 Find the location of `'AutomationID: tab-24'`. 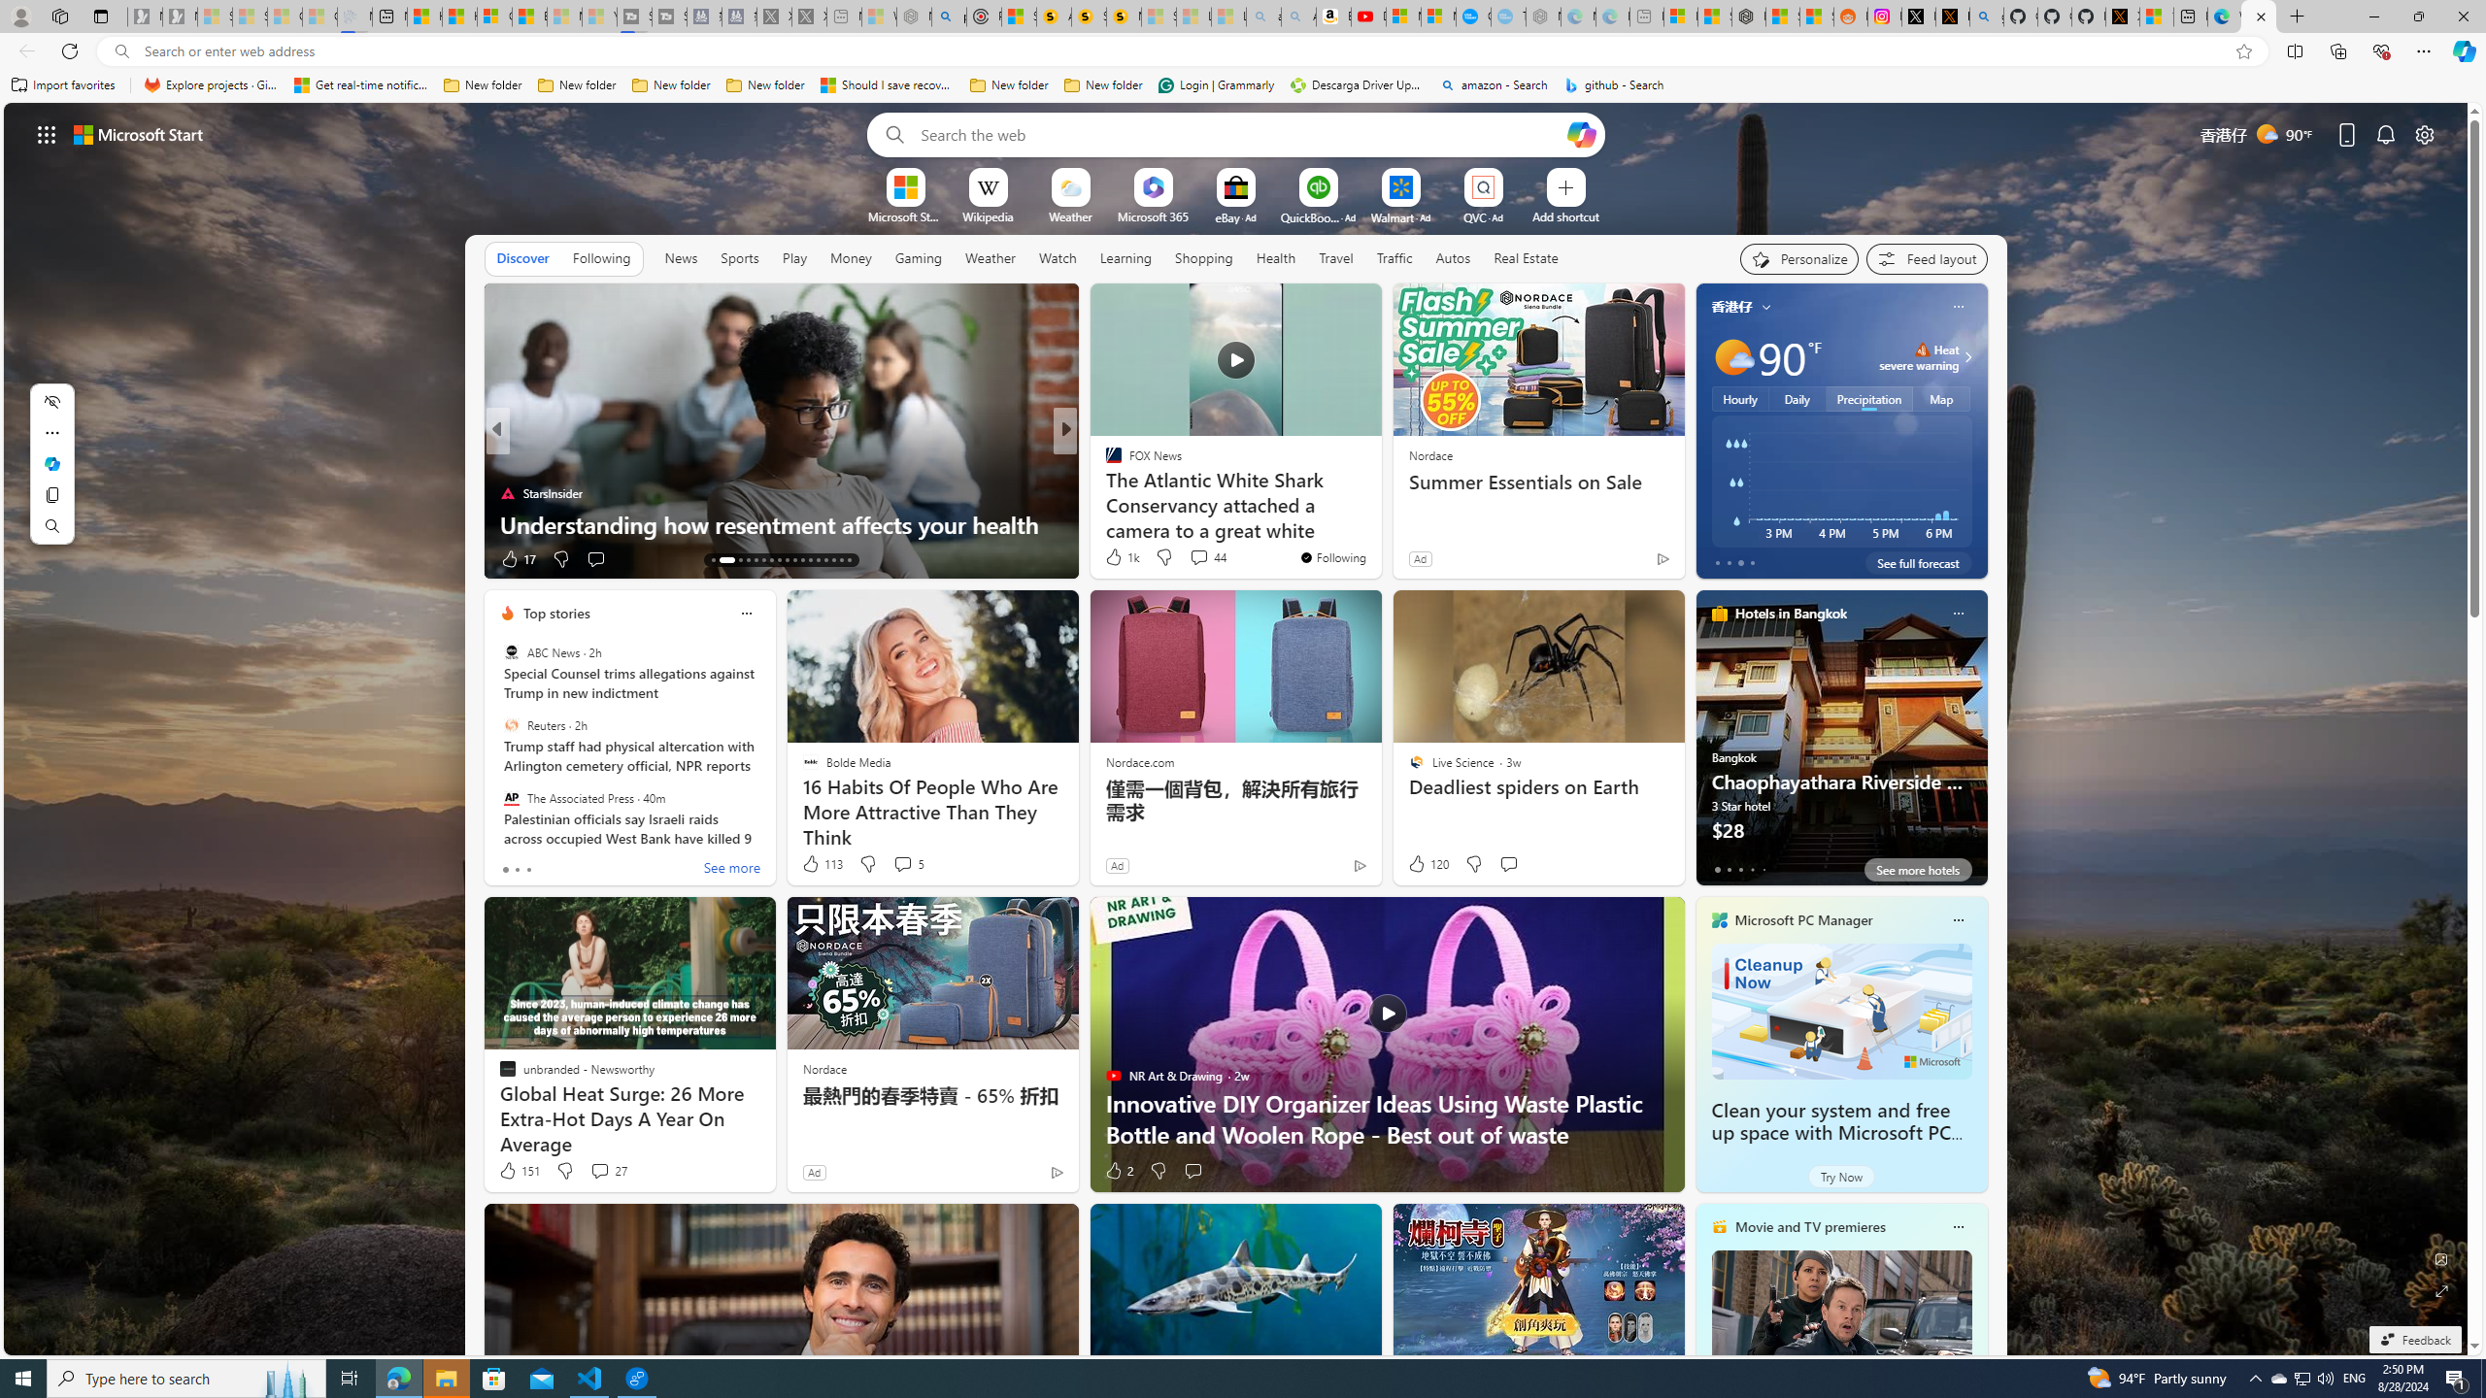

'AutomationID: tab-24' is located at coordinates (809, 560).